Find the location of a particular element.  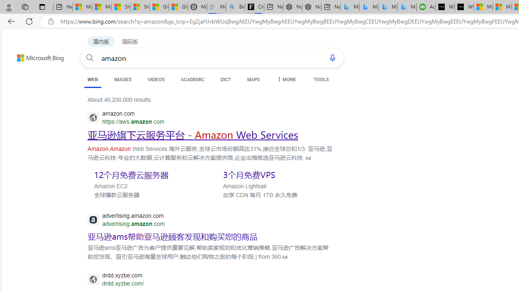

'Manatee Mortality Statistics | FWC' is located at coordinates (197, 7).